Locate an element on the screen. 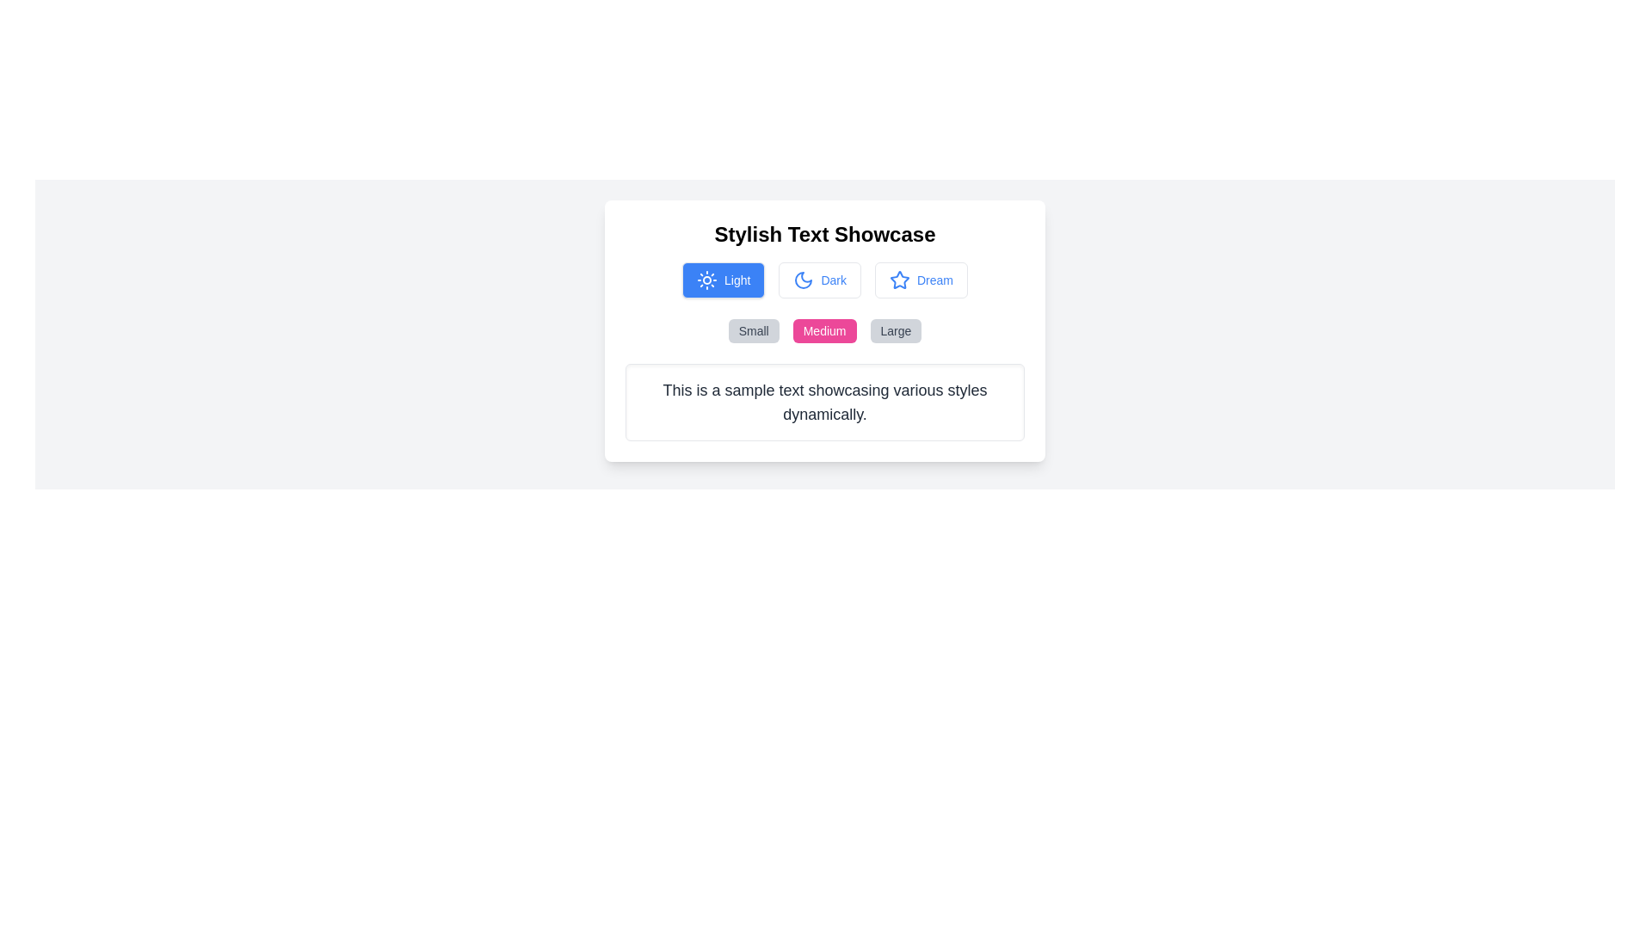 This screenshot has height=929, width=1652. the 'Large' size button, which is the third button in a group of three buttons labeled 'Small', 'Medium', and 'Large', located below the 'Stylish Text Showcase' heading is located at coordinates (895, 331).